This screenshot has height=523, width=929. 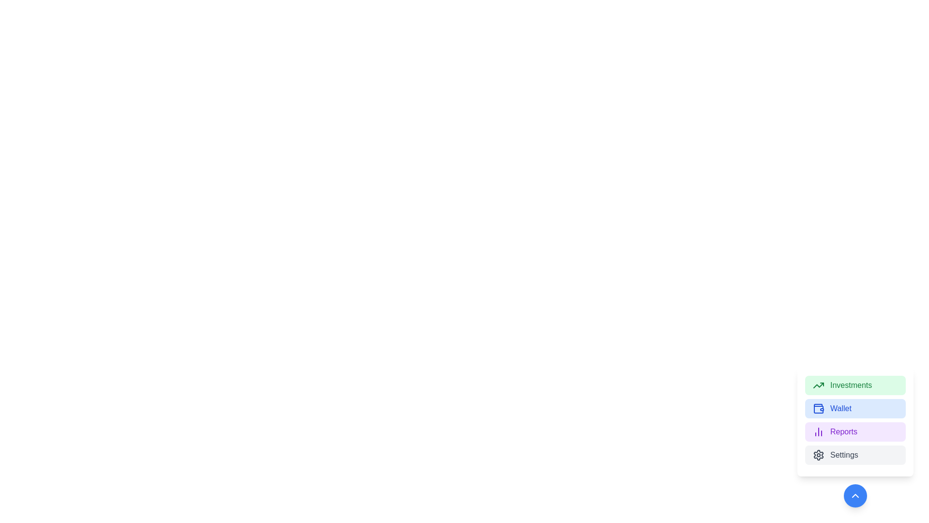 I want to click on the 'Wallet' button, so click(x=855, y=409).